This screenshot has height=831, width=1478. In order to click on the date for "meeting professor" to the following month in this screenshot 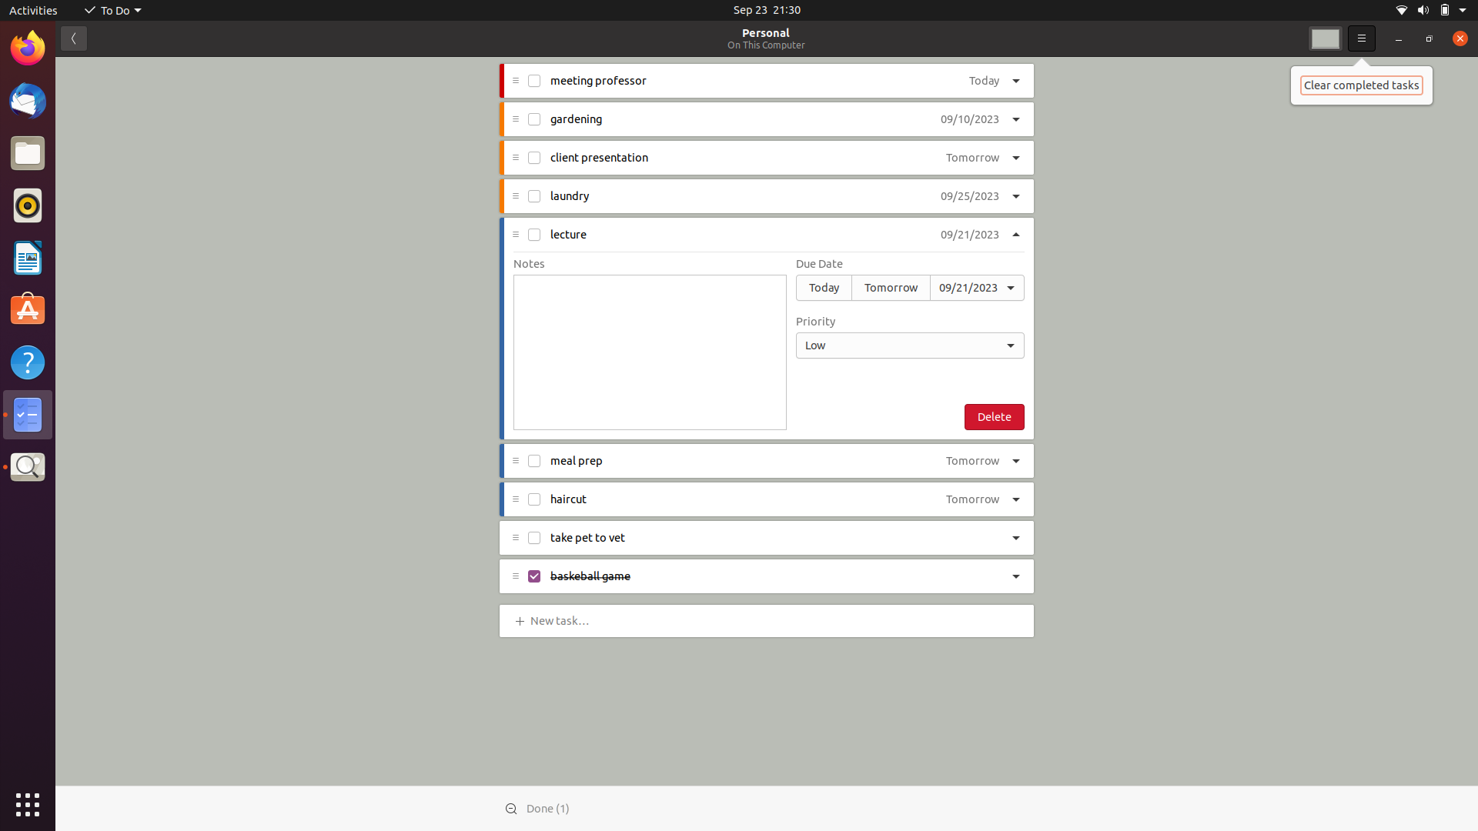, I will do `click(978, 82)`.